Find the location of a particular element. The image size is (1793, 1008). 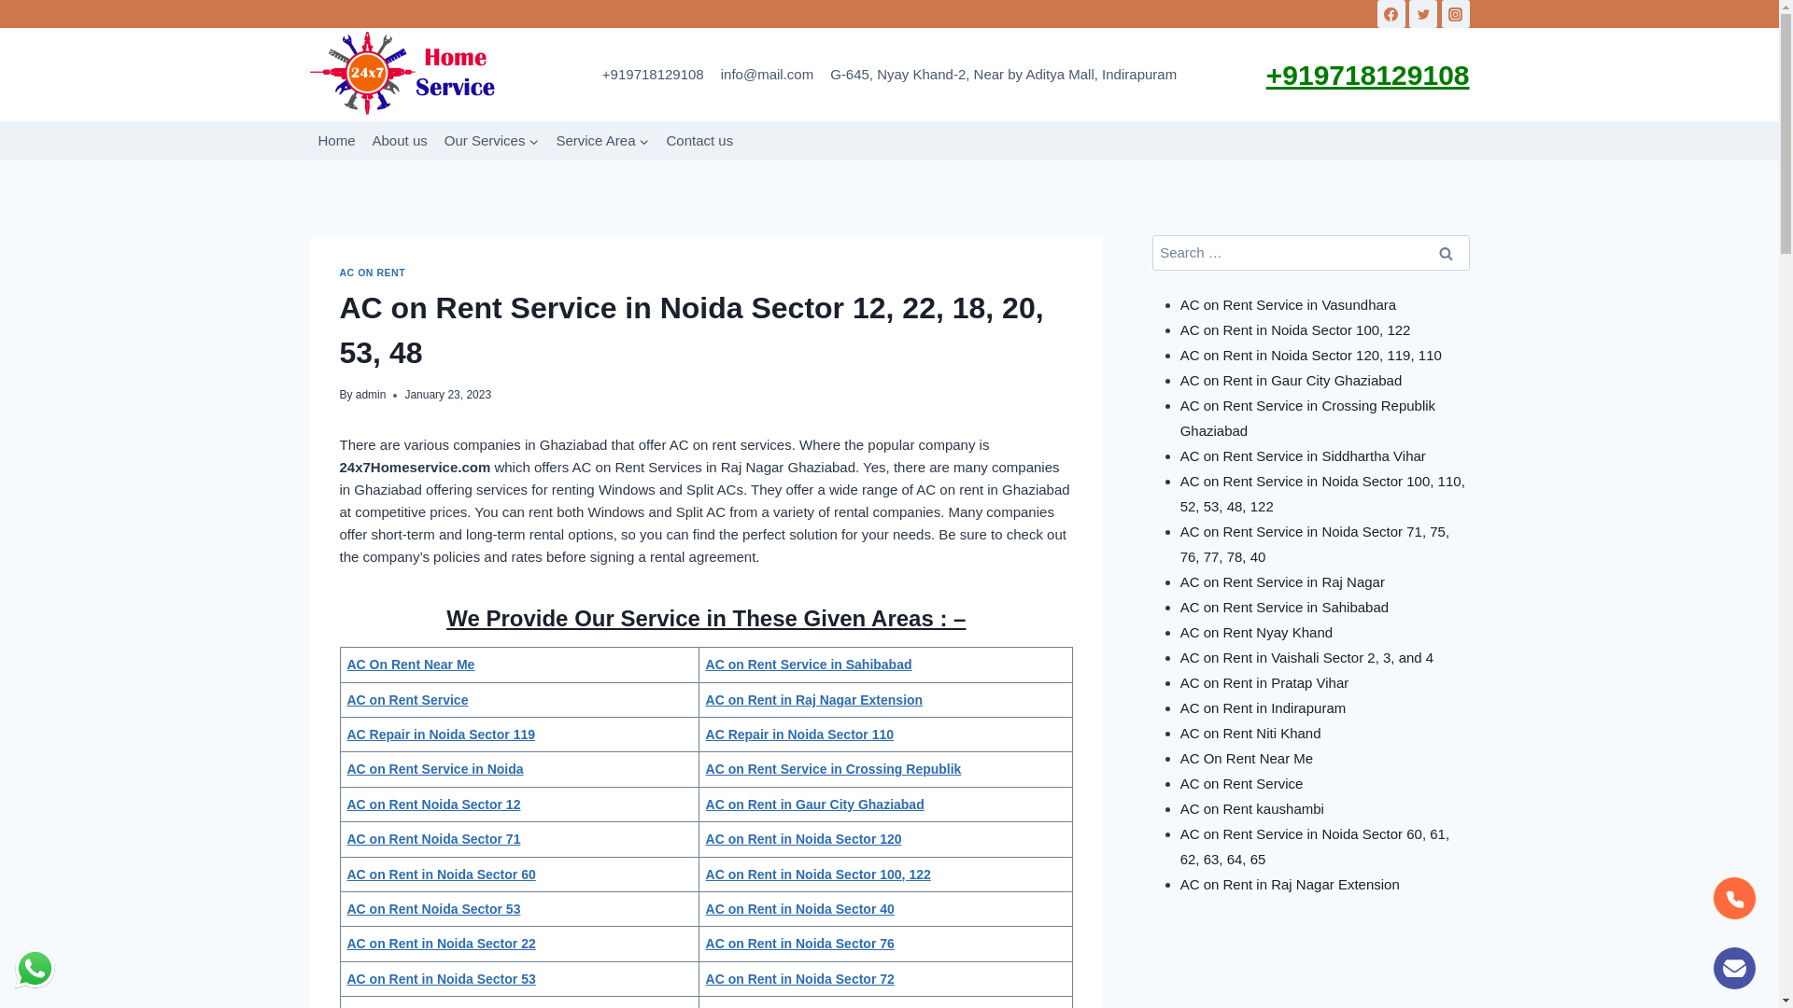

'AC on Rent Service in Siddhartha Vihar' is located at coordinates (1302, 455).